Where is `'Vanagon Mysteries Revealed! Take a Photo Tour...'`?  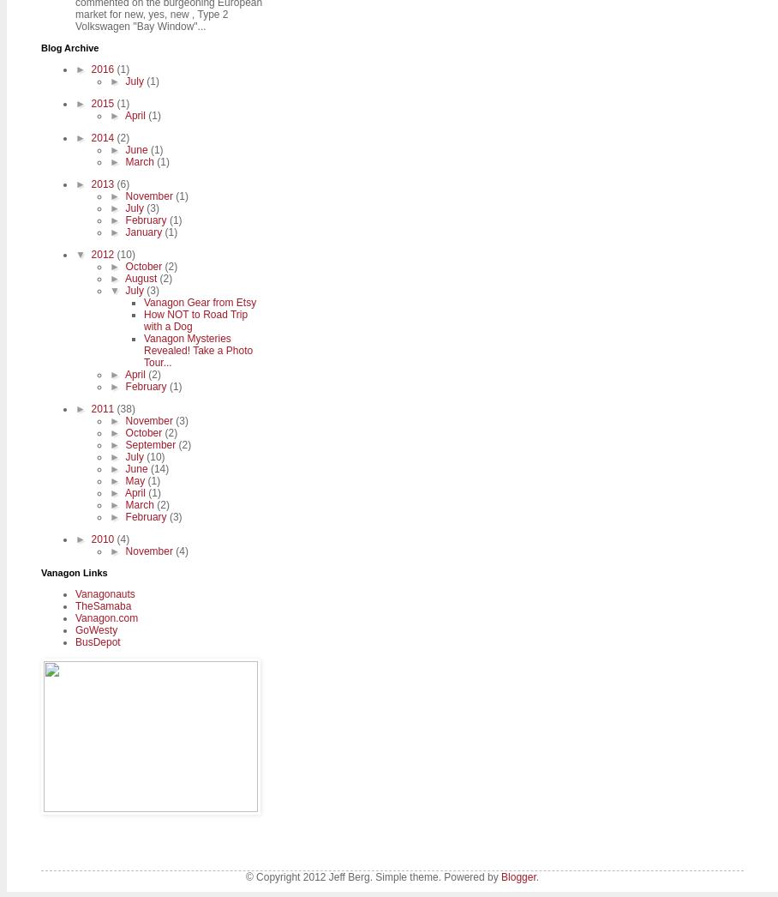
'Vanagon Mysteries Revealed! Take a Photo Tour...' is located at coordinates (142, 350).